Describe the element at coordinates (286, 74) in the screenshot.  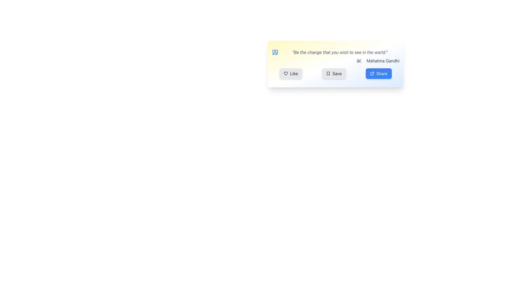
I see `the heart icon within the 'Like' button to like the quote` at that location.